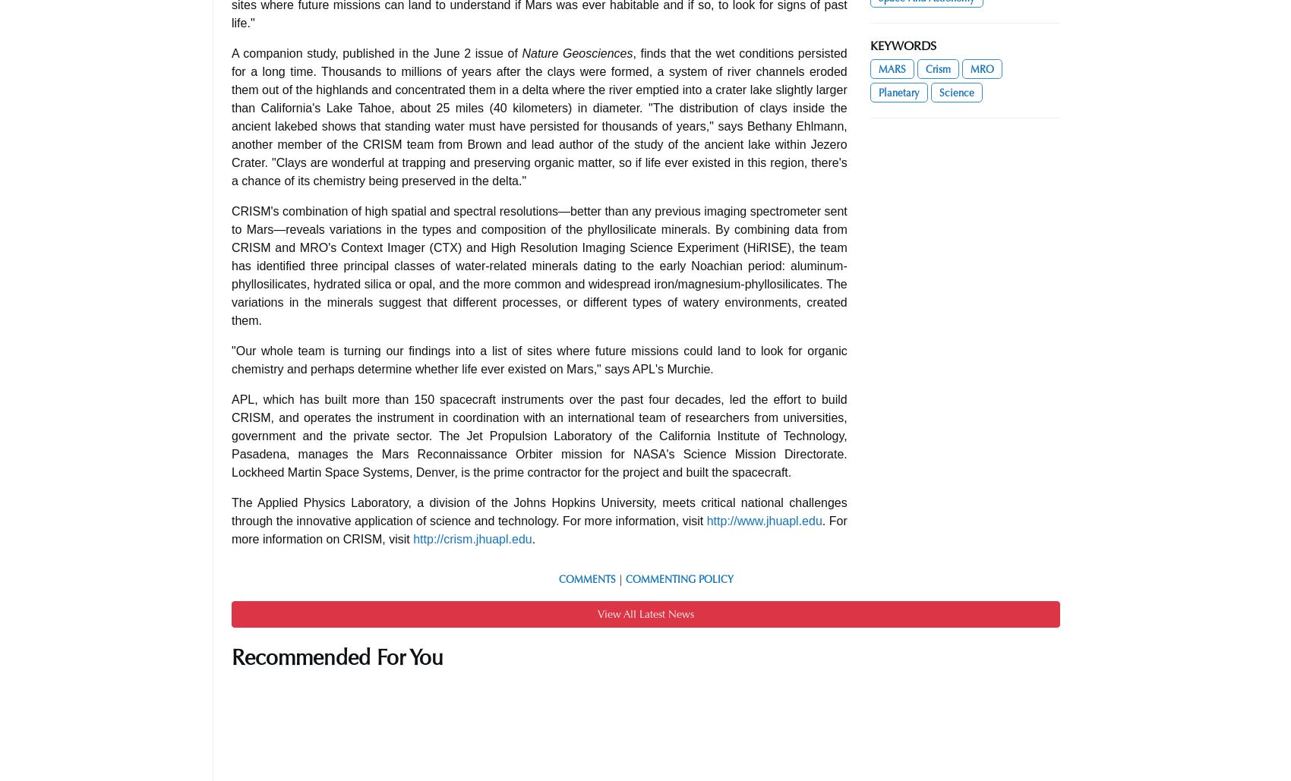 The width and height of the screenshot is (1291, 781). I want to click on 'APL, which has built more than 150 spacecraft instruments over the past four decades, led the effort to build CRISM, and operates the instrument in coordination with an international team of researchers from universities, government and the private sector. The Jet Propulsion Laboratory of the California Institute of Technology, Pasadena, manages the Mars Reconnaissance Orbiter mission for NASA's Science Mission Directorate. Lockheed Martin Space Systems, Denver, is the prime contractor for the project and built the spacecraft.', so click(231, 434).